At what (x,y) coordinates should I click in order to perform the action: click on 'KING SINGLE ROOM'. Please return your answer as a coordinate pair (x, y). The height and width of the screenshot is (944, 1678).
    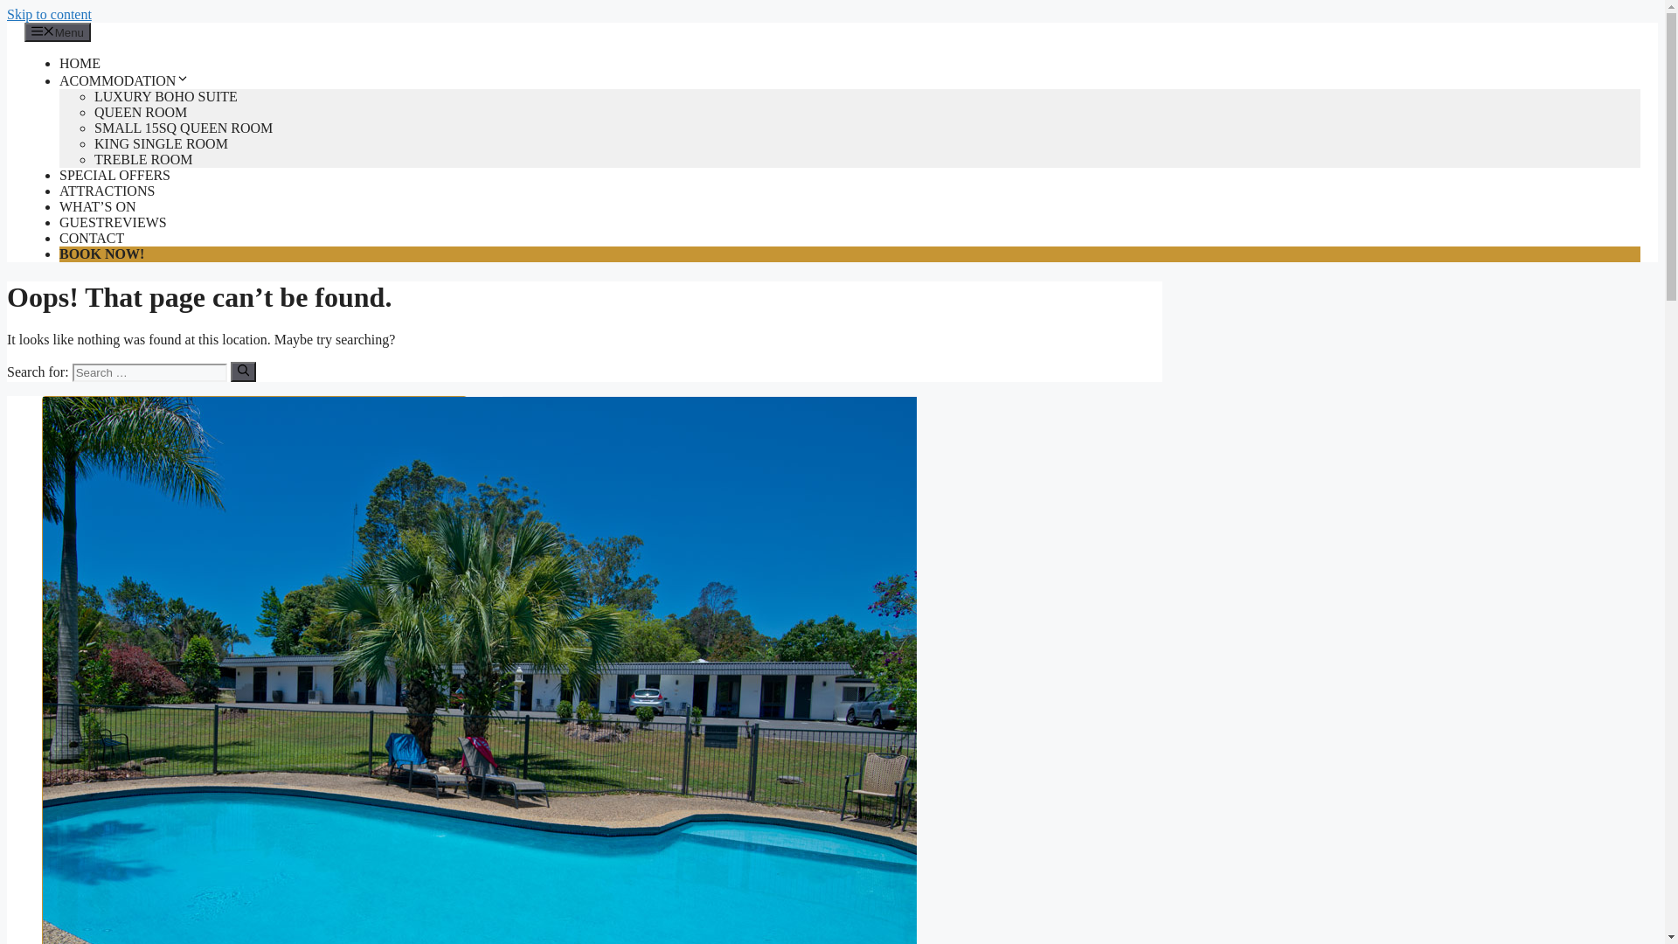
    Looking at the image, I should click on (161, 142).